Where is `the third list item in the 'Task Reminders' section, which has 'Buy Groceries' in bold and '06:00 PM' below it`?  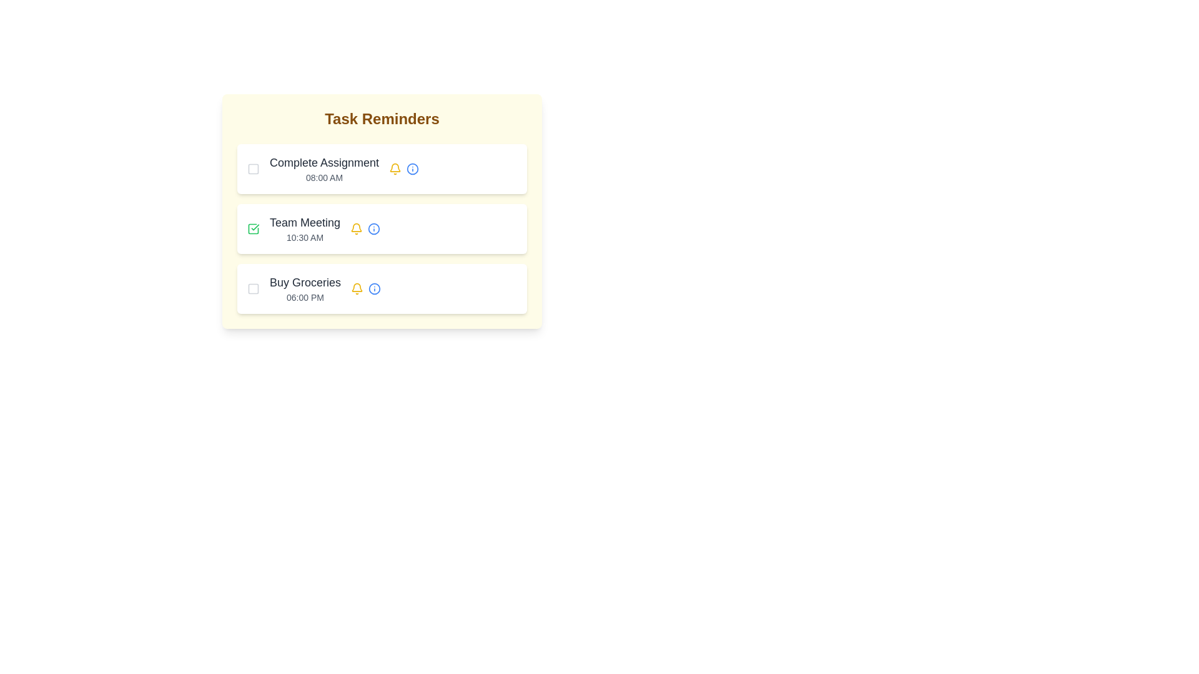 the third list item in the 'Task Reminders' section, which has 'Buy Groceries' in bold and '06:00 PM' below it is located at coordinates (381, 288).